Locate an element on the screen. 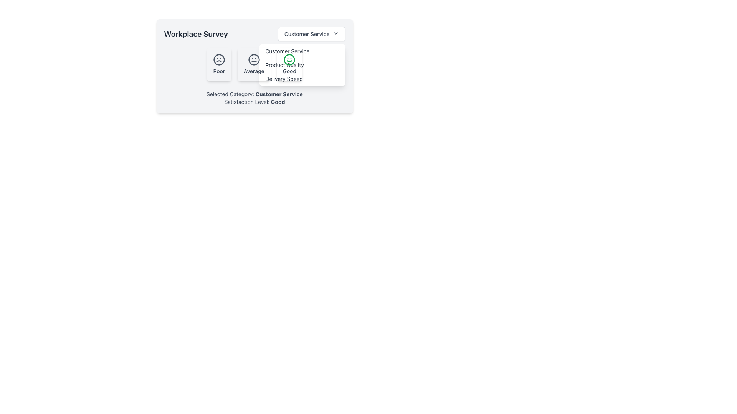  the 'Average' button, which features a circular icon with a neutral facial expression and is located centrally between 'Poor' and 'Good' is located at coordinates (254, 64).